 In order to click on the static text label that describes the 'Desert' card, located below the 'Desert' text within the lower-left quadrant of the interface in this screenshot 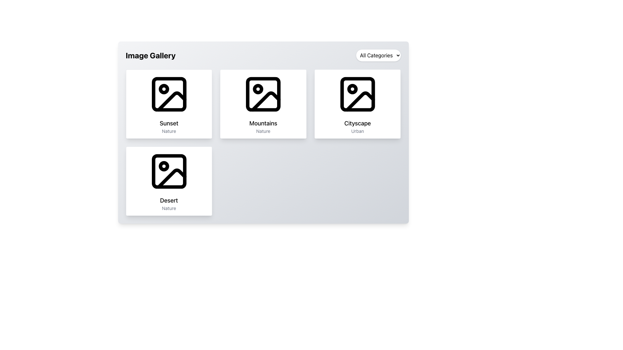, I will do `click(169, 208)`.